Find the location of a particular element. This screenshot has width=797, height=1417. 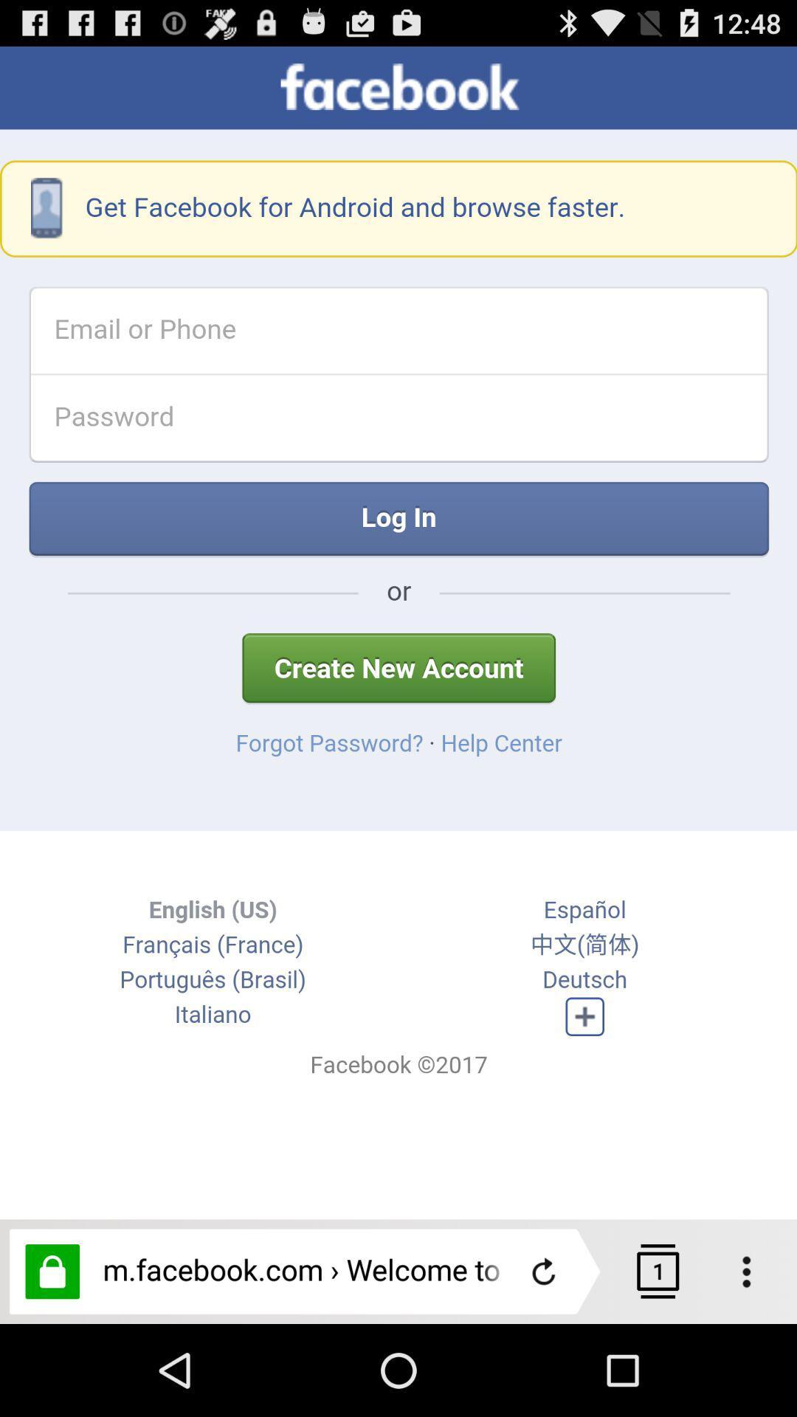

the refresh icon is located at coordinates (544, 1359).